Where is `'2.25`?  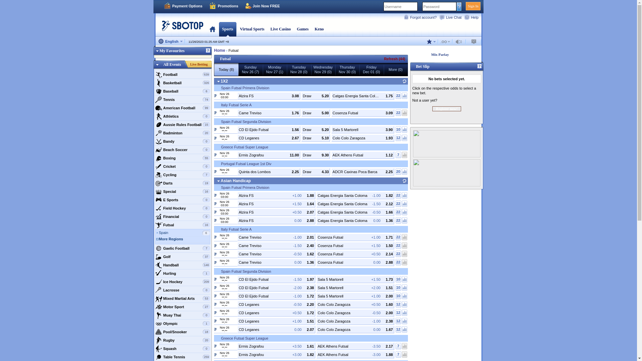
'2.25 is located at coordinates (269, 171).